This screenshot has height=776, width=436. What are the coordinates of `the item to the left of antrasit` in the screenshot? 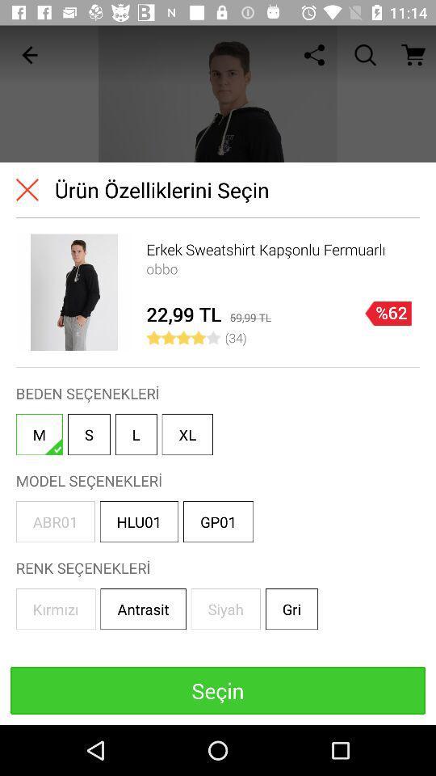 It's located at (55, 608).